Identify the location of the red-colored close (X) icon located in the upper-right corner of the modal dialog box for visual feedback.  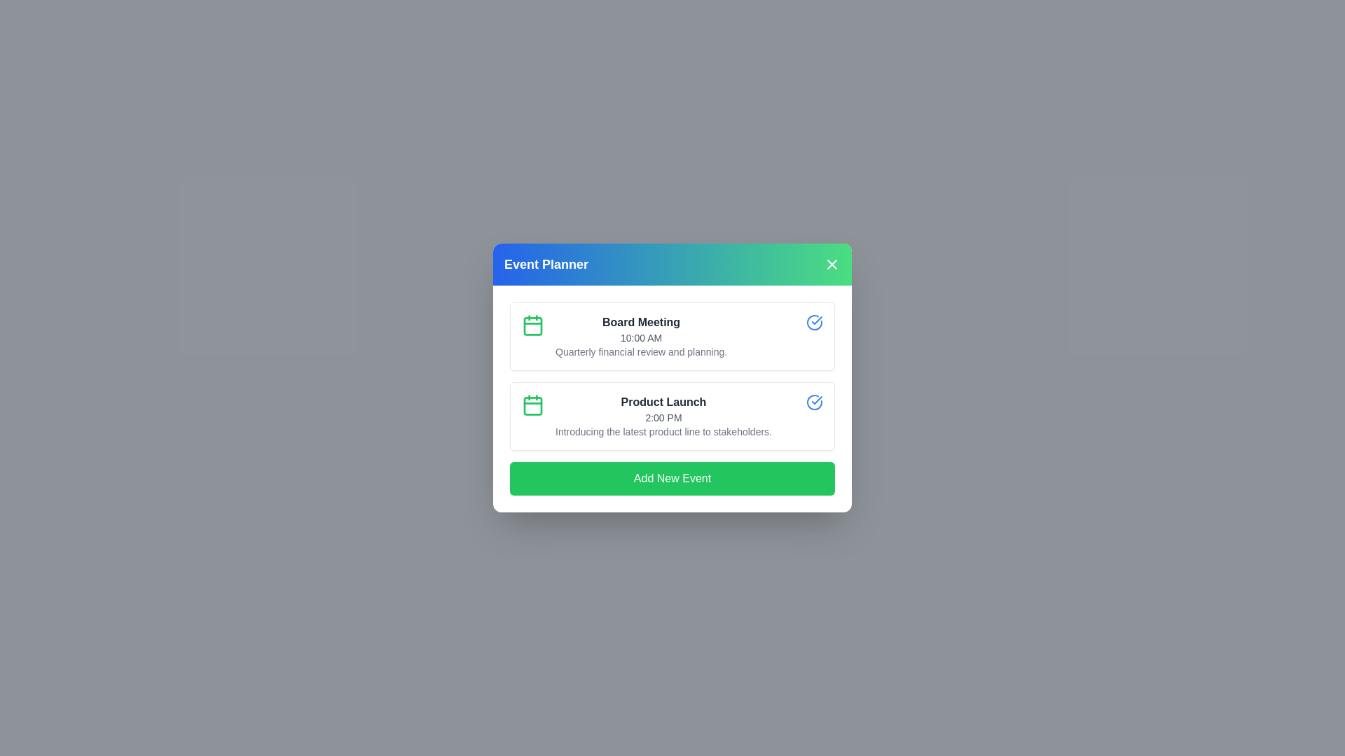
(832, 265).